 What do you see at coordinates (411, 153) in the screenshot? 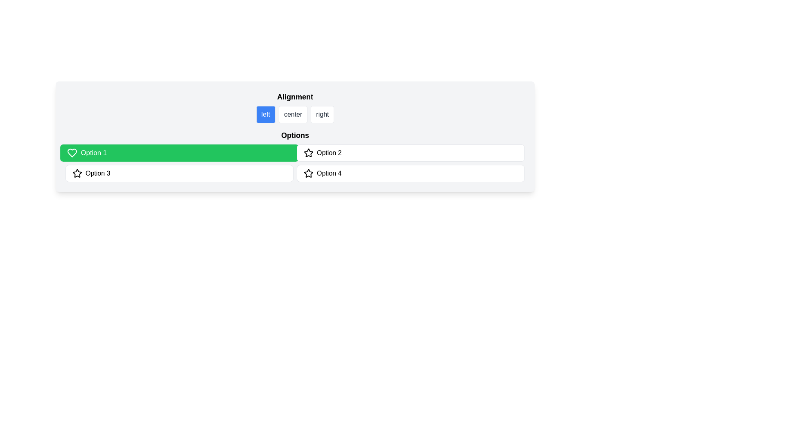
I see `the second button labeled 'Option 2'` at bounding box center [411, 153].